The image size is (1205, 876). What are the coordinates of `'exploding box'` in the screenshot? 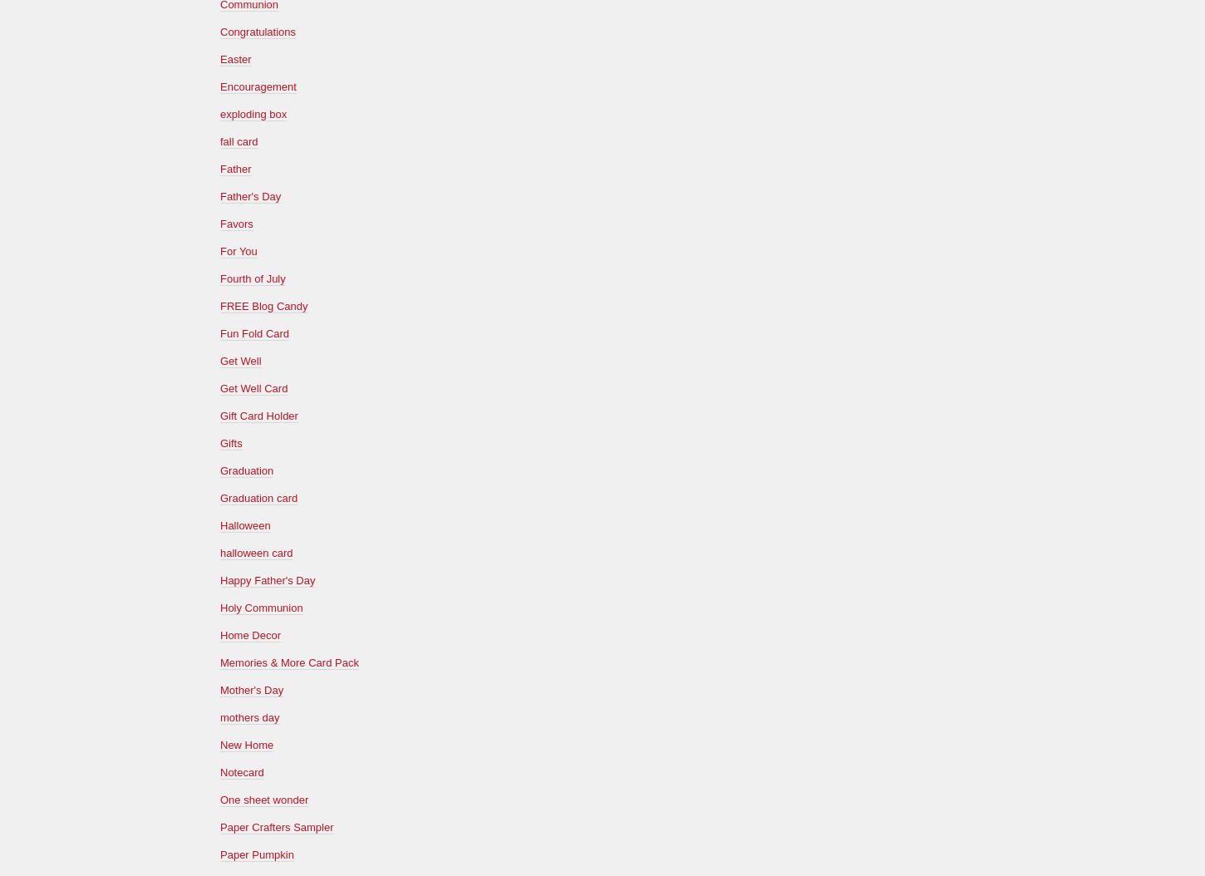 It's located at (253, 113).